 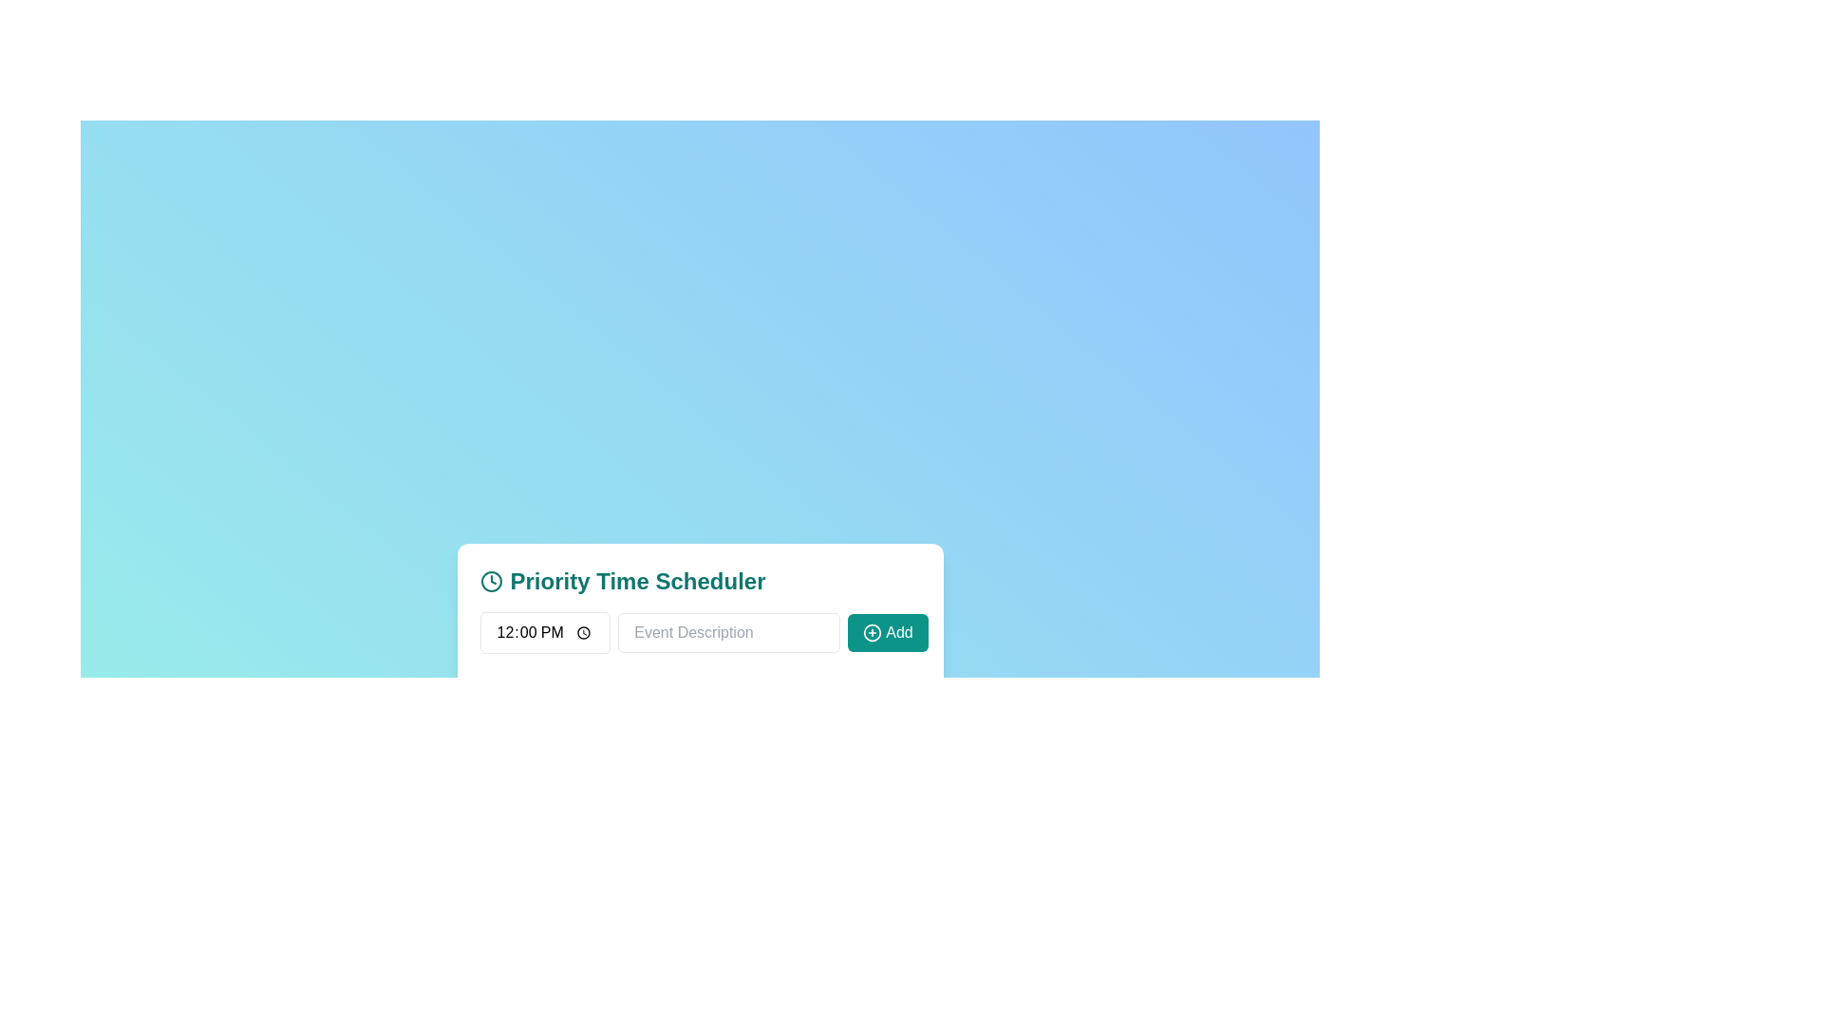 I want to click on the button intended to add an event in the 'Priority Time Scheduler' modal, so click(x=887, y=633).